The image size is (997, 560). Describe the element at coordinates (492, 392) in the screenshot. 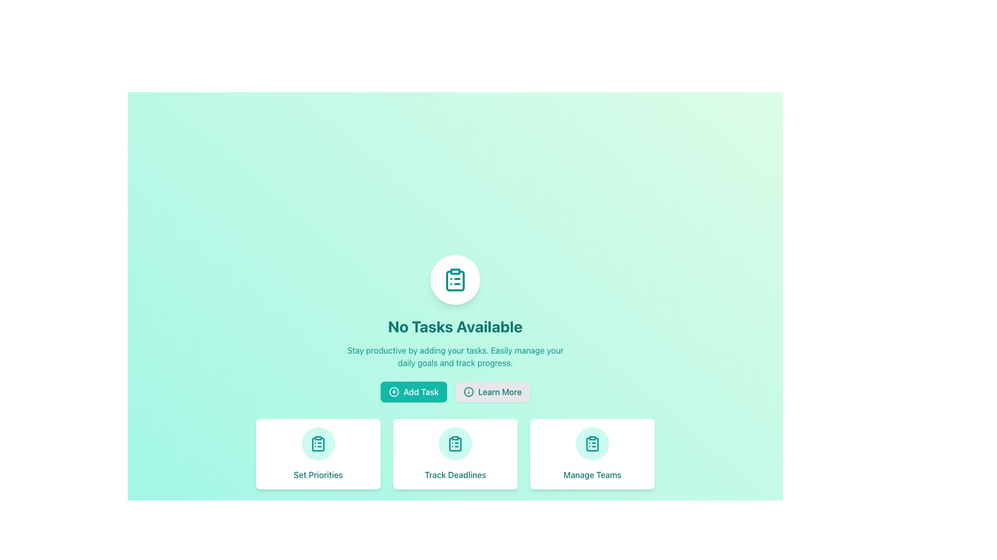

I see `the information button located to the right of the 'Add Task' button` at that location.